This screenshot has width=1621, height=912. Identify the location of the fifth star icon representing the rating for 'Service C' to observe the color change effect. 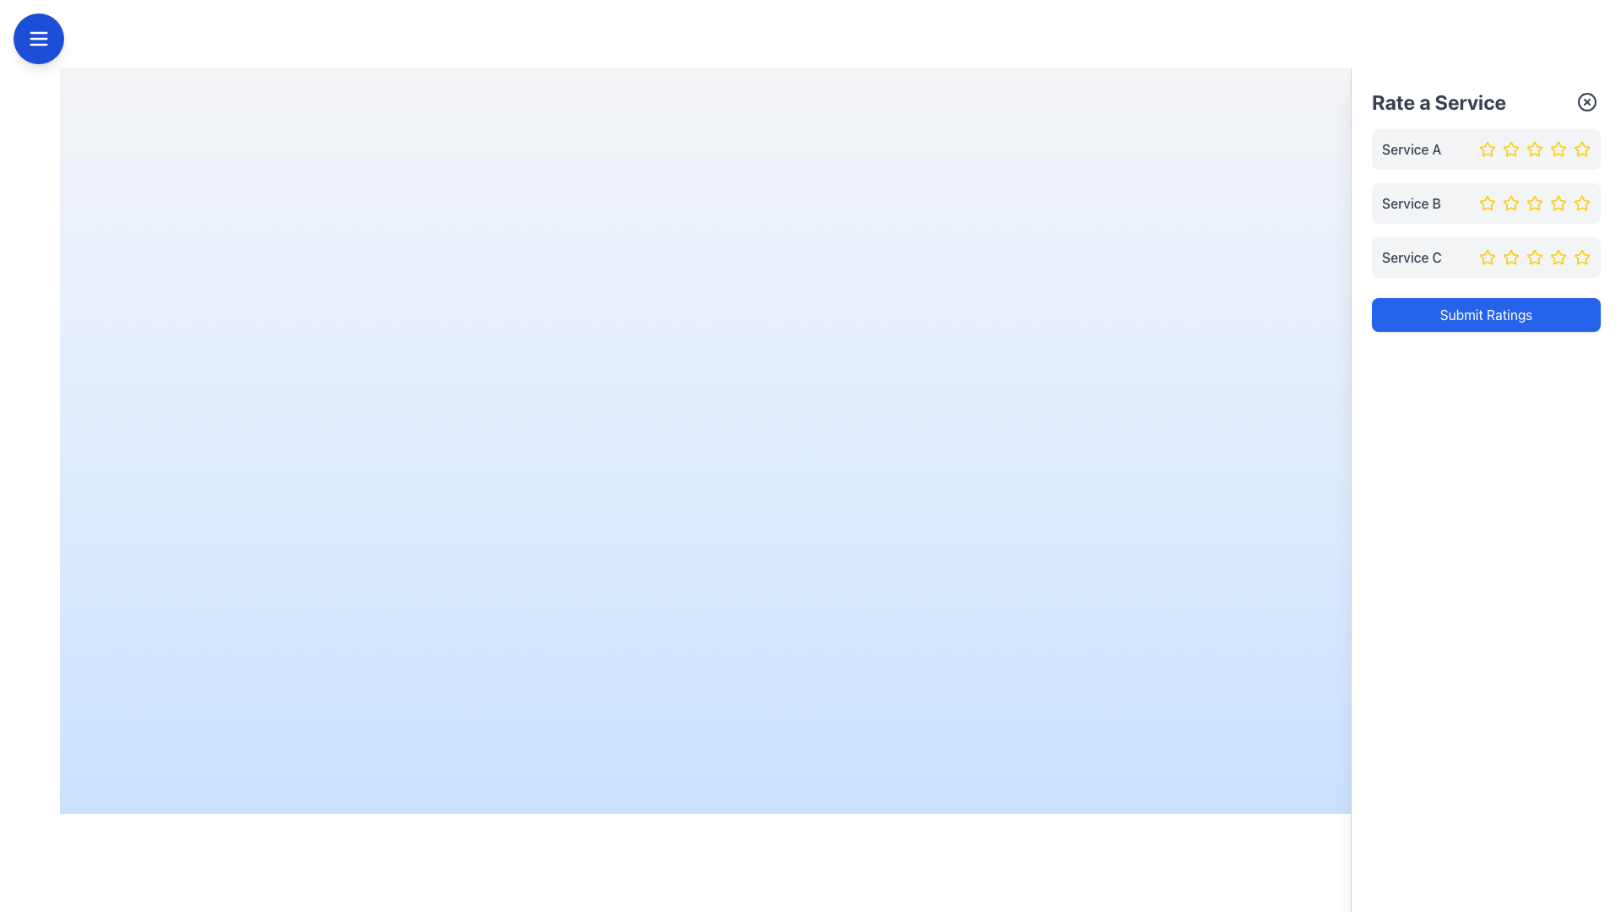
(1580, 257).